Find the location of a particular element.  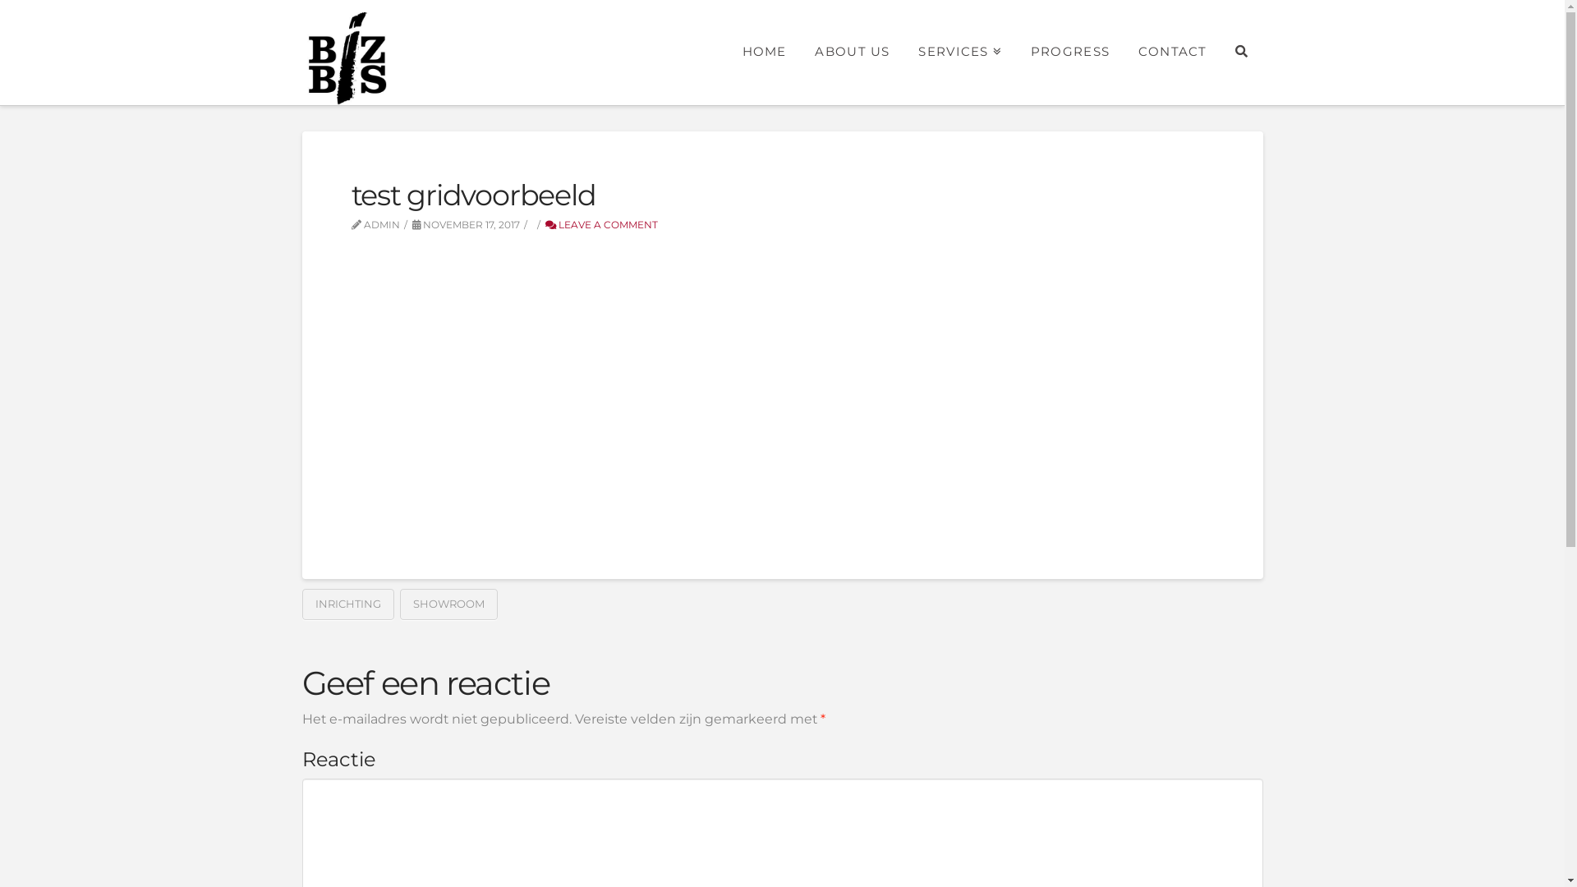

'ABOUT US' is located at coordinates (800, 48).